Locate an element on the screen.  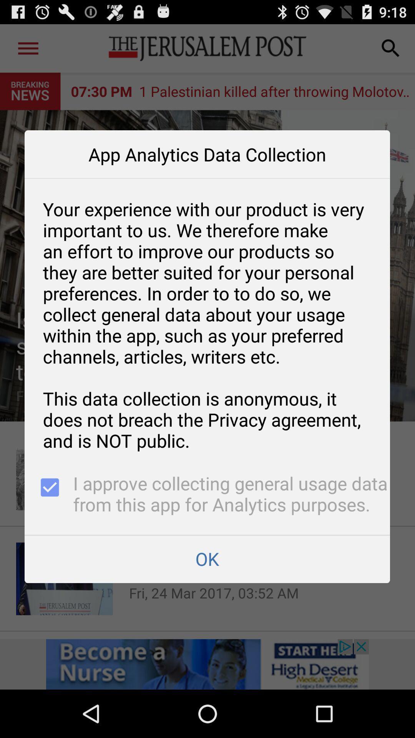
the app below i approve collecting is located at coordinates (207, 559).